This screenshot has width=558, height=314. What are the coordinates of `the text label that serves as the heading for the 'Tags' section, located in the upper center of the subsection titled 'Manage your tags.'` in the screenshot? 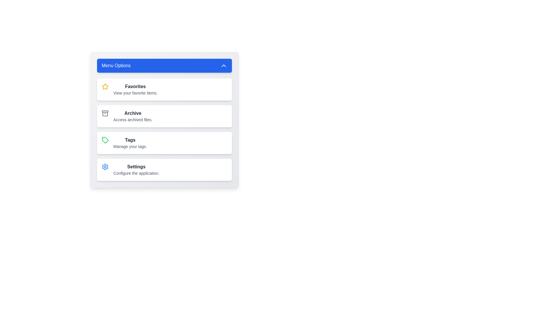 It's located at (130, 140).